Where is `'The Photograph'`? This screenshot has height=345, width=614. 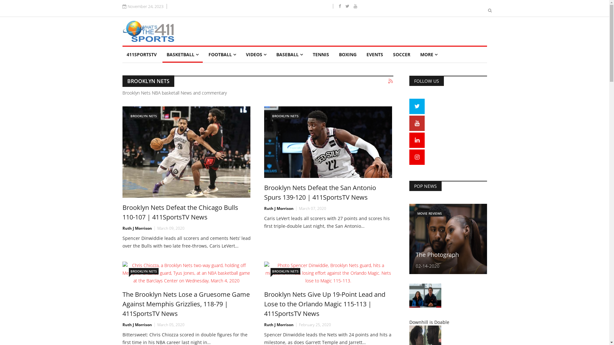 'The Photograph' is located at coordinates (437, 254).